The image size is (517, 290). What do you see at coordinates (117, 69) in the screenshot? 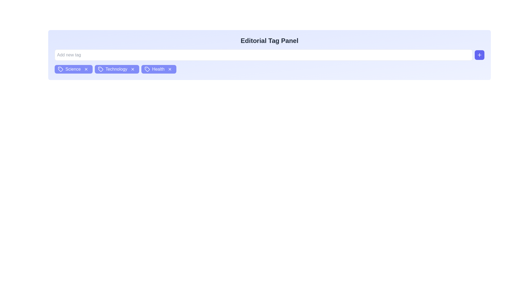
I see `the category label positioned between the 'Science' tag on the left and the 'Health' tag on the right, which serves as a tag or category label` at bounding box center [117, 69].